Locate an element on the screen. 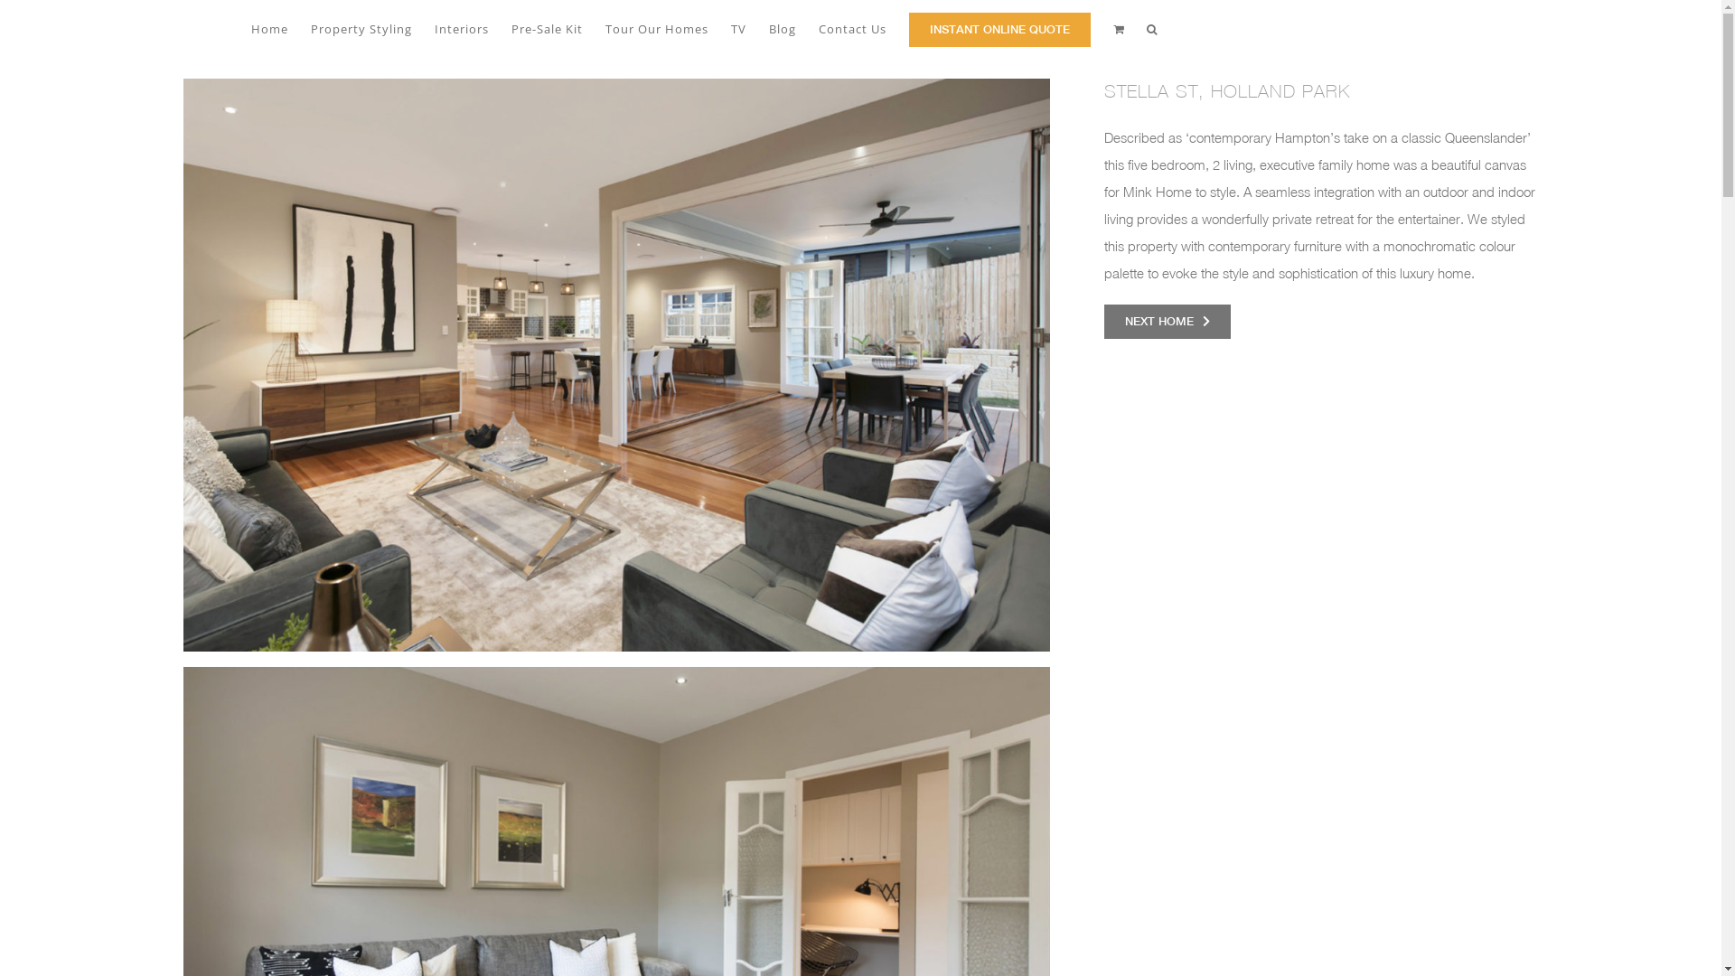  'NEXT HOME' is located at coordinates (1167, 320).